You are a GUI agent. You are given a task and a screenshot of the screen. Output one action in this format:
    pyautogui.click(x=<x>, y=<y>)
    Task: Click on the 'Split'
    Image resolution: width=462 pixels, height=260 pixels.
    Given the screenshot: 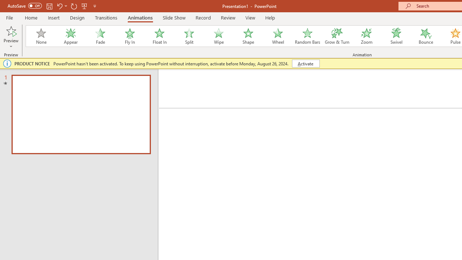 What is the action you would take?
    pyautogui.click(x=189, y=36)
    